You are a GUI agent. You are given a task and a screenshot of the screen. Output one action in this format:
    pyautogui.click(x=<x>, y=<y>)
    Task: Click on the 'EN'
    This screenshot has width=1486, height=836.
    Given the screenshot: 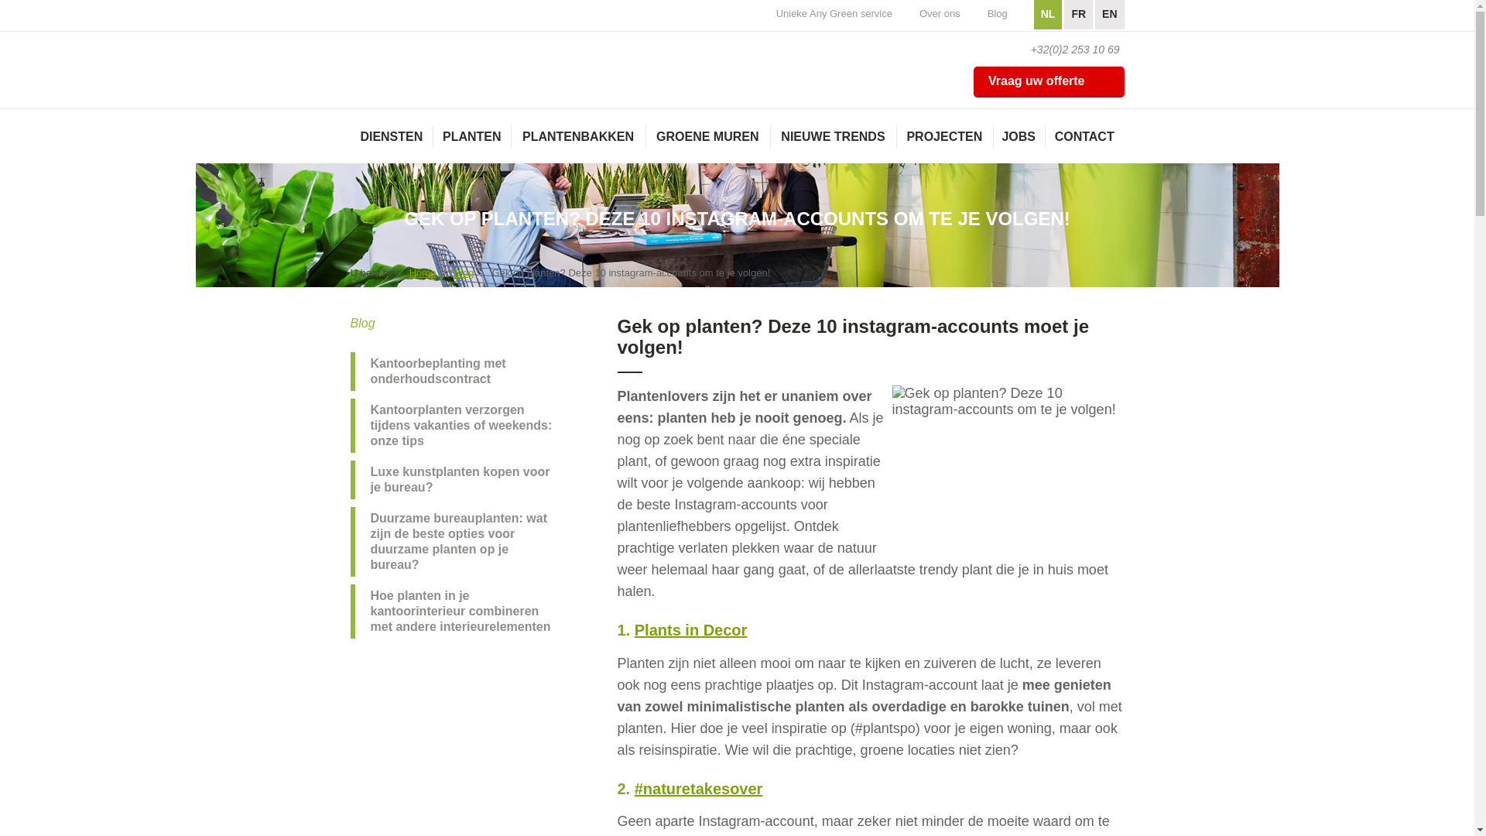 What is the action you would take?
    pyautogui.click(x=1108, y=15)
    